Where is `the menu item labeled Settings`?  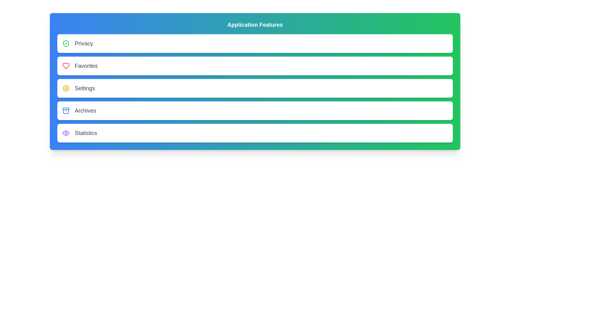
the menu item labeled Settings is located at coordinates (255, 88).